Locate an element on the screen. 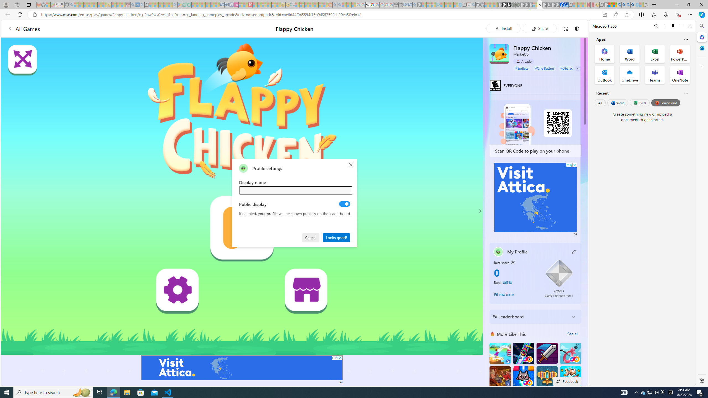 The width and height of the screenshot is (708, 398). 'Collections' is located at coordinates (665, 14).